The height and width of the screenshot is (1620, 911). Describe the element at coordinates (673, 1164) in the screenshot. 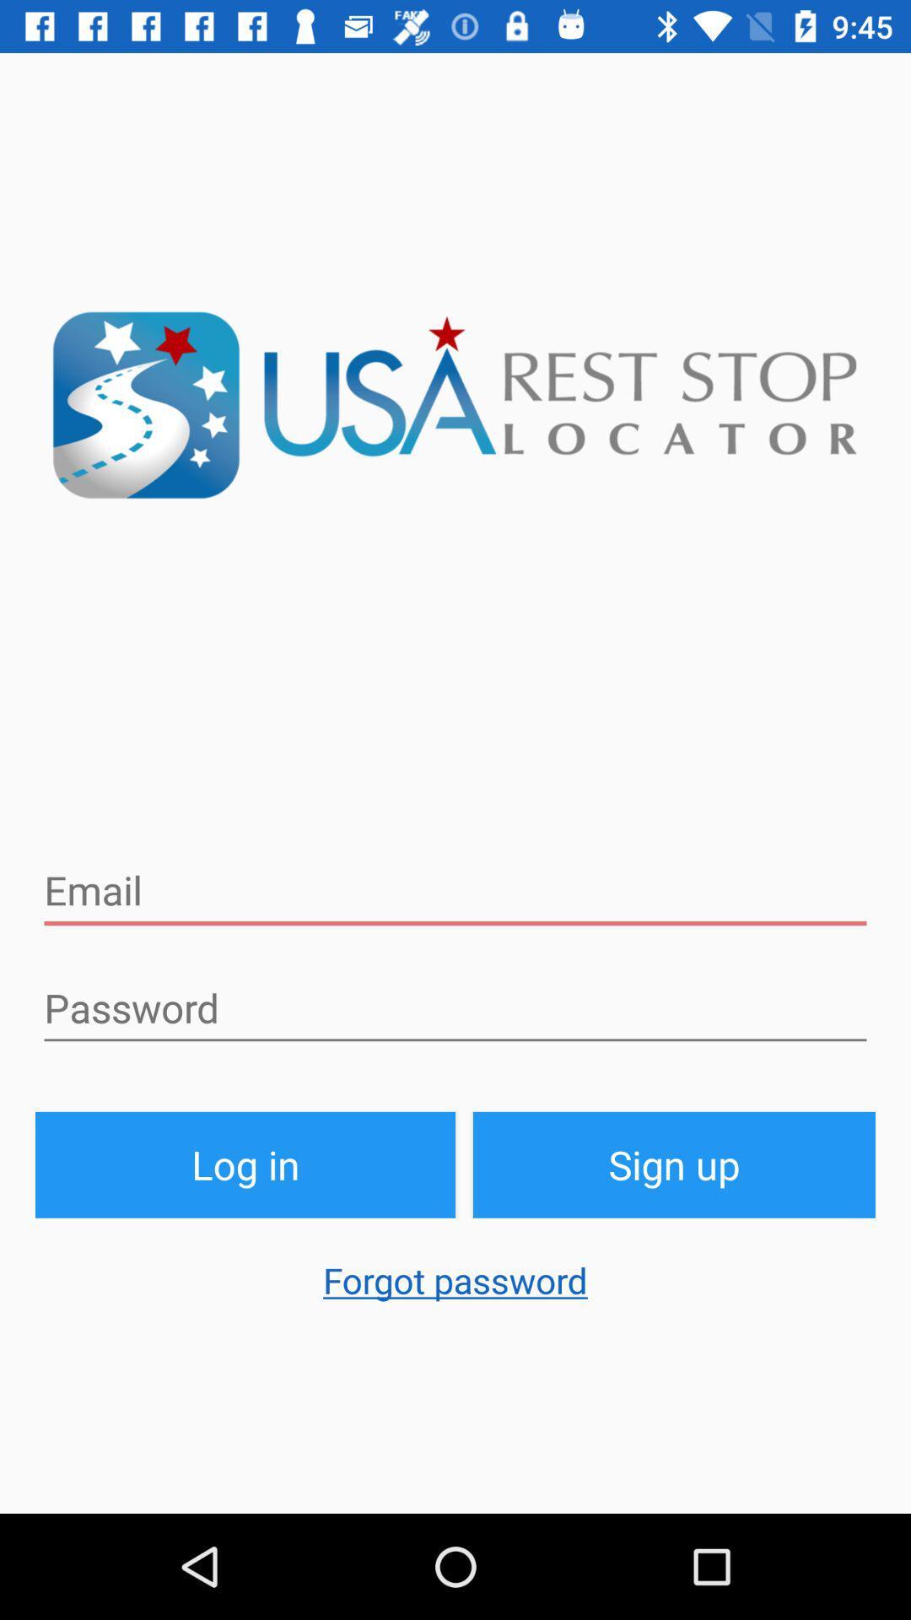

I see `the sign up` at that location.